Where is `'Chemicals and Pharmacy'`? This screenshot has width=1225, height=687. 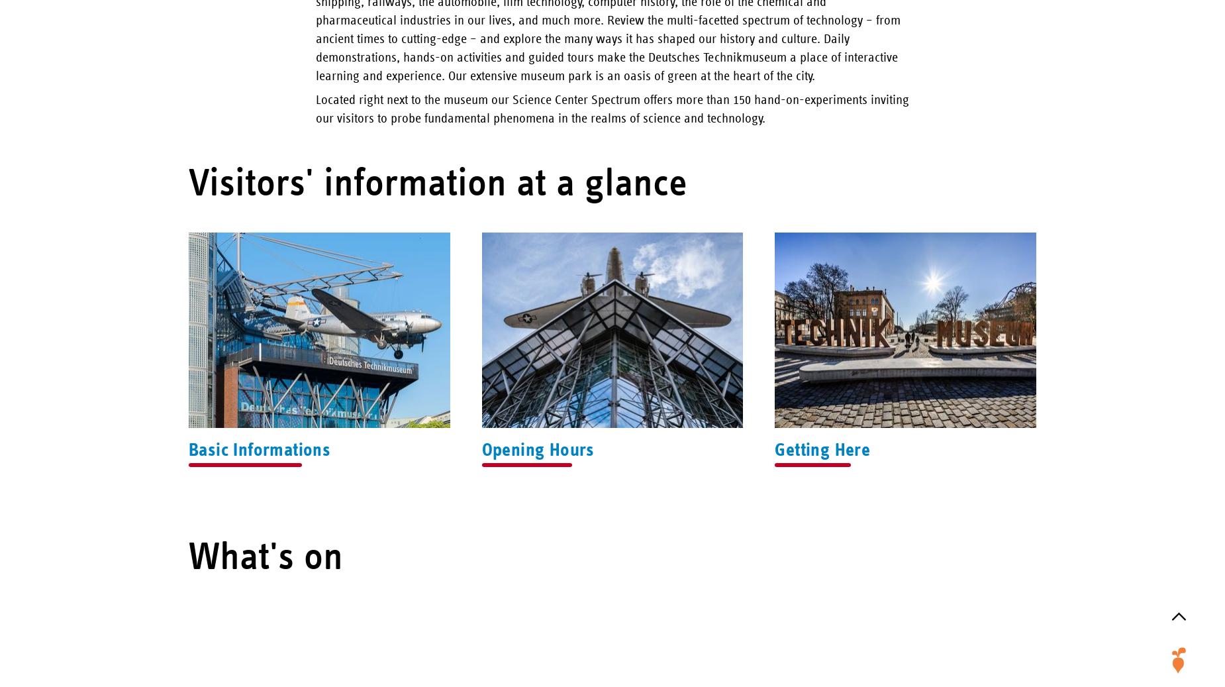
'Chemicals and Pharmacy' is located at coordinates (1133, 142).